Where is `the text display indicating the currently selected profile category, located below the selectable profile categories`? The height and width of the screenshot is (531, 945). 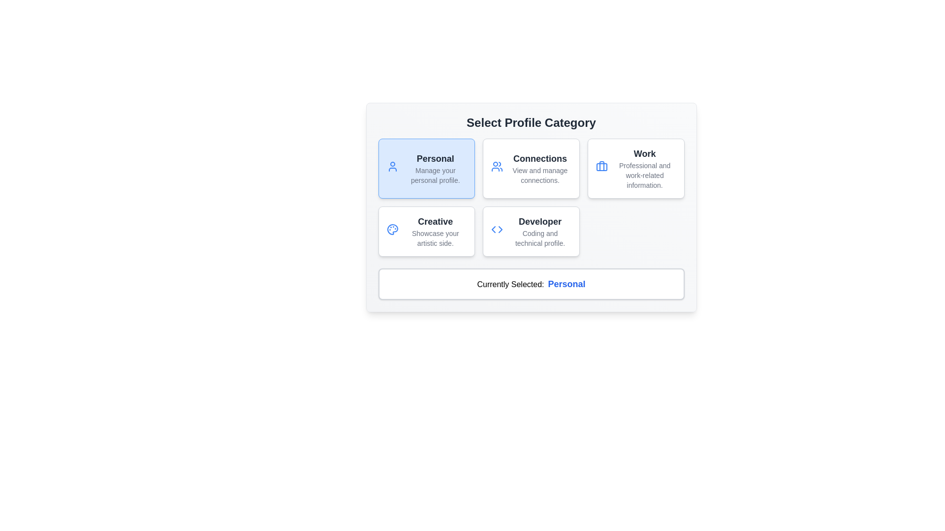
the text display indicating the currently selected profile category, located below the selectable profile categories is located at coordinates (531, 284).